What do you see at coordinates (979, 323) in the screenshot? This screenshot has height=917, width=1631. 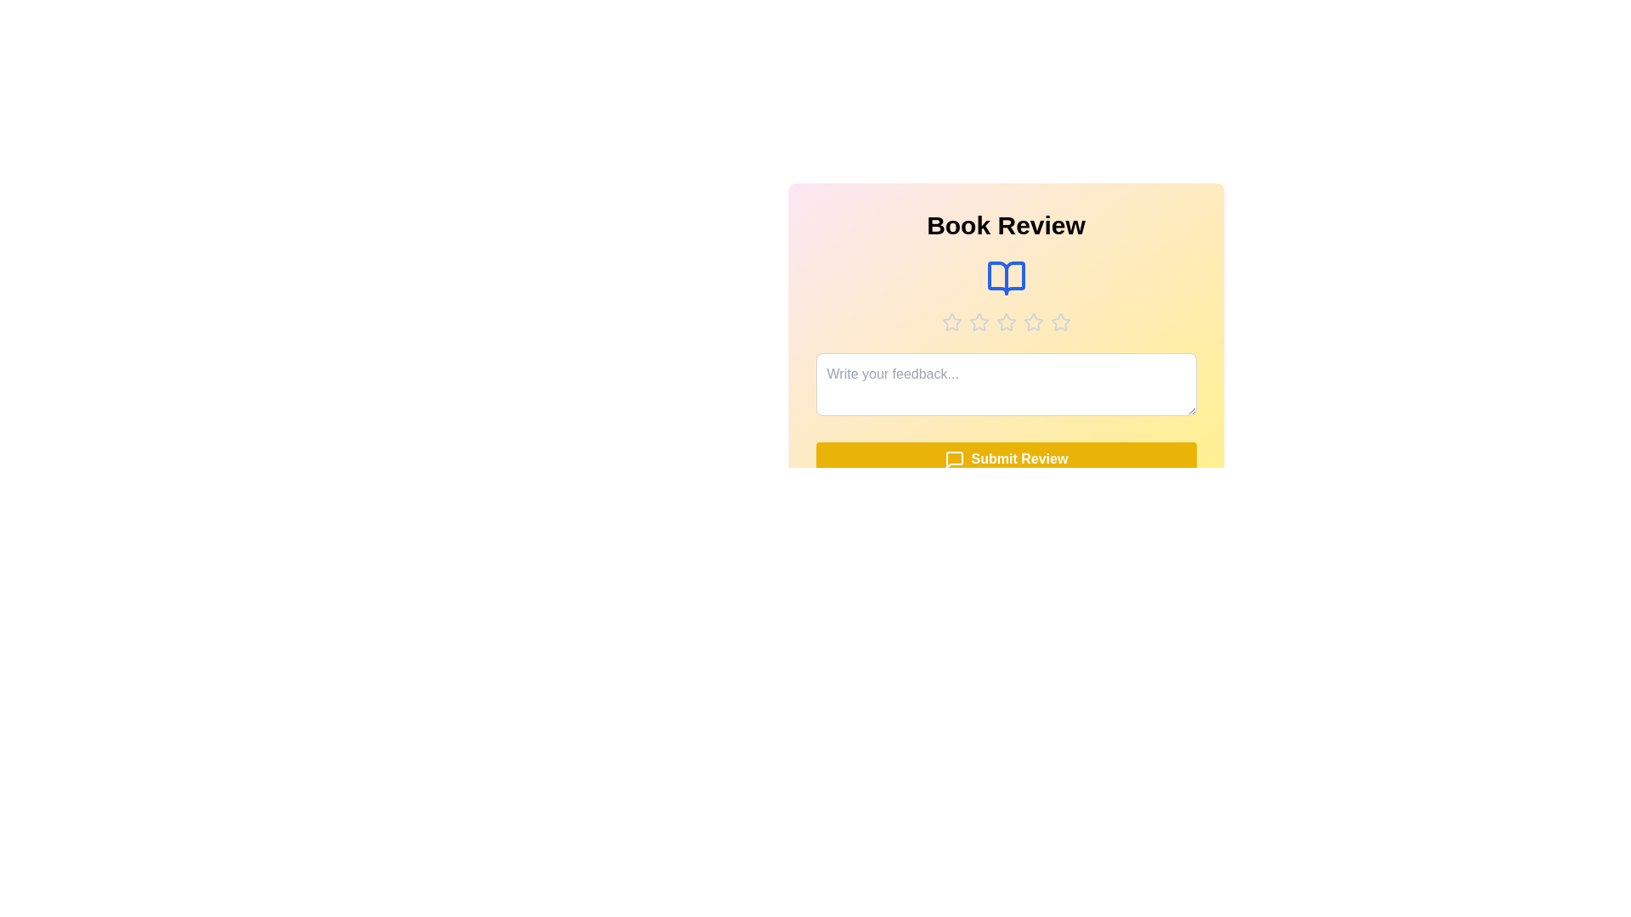 I see `the star corresponding to the desired rating 2` at bounding box center [979, 323].